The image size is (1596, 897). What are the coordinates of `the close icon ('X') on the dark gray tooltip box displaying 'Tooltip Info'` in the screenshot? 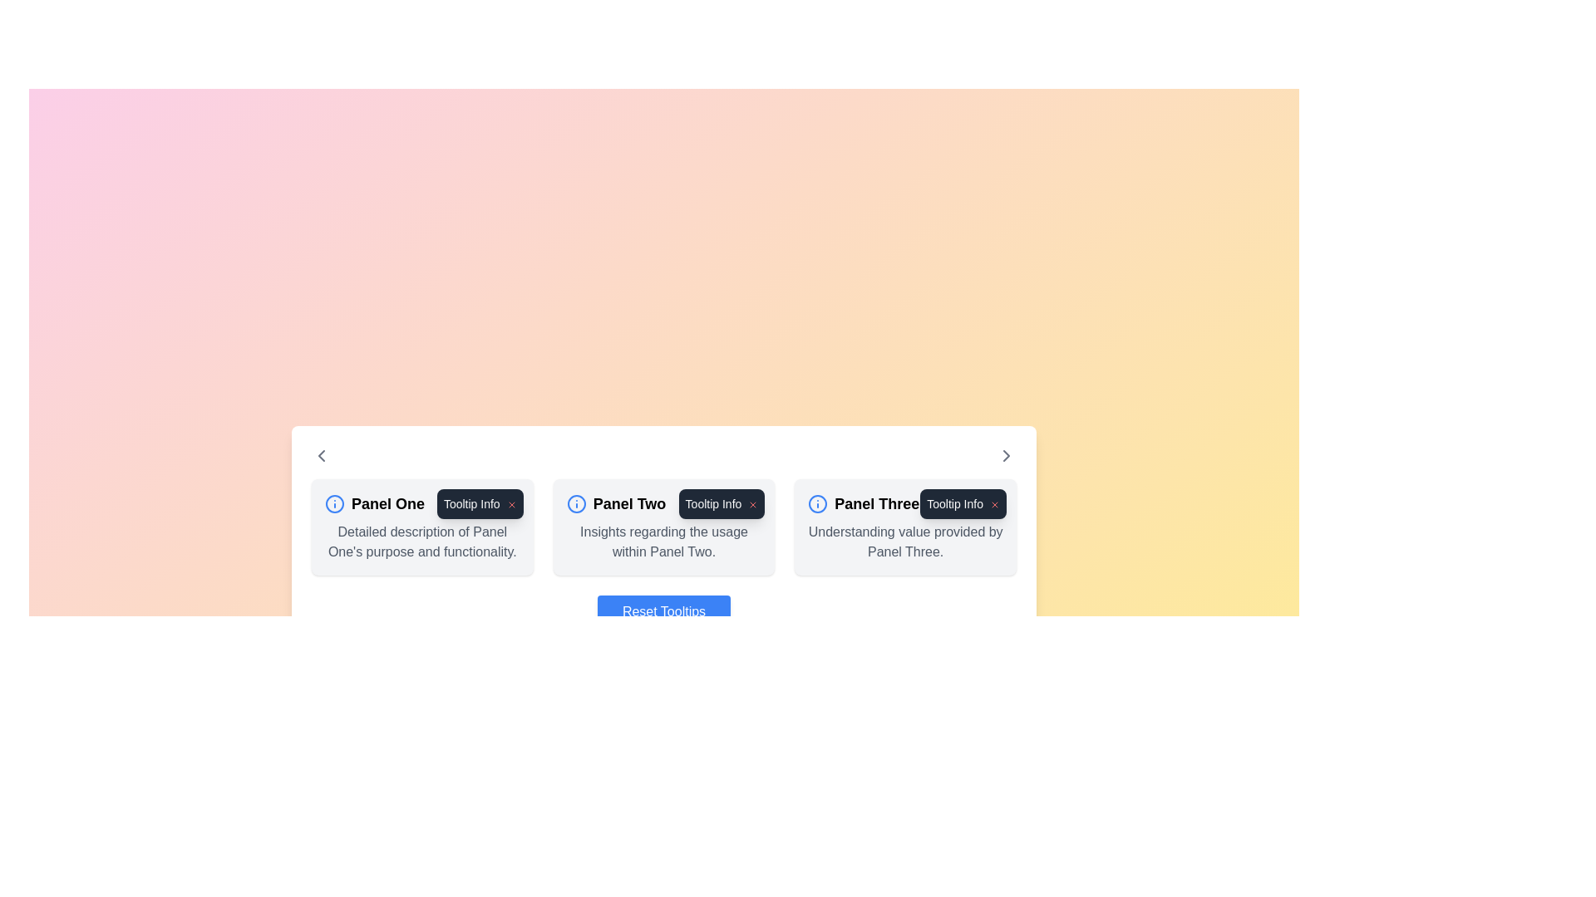 It's located at (722, 502).